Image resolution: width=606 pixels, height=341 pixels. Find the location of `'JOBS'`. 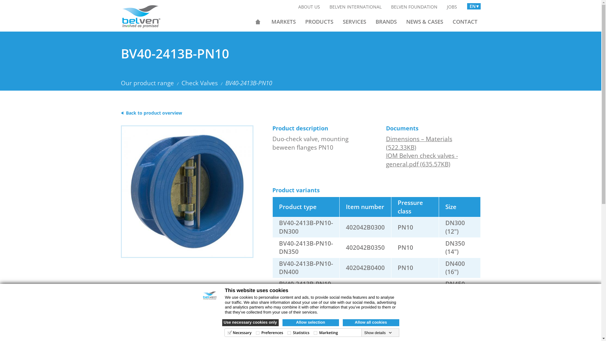

'JOBS' is located at coordinates (451, 7).